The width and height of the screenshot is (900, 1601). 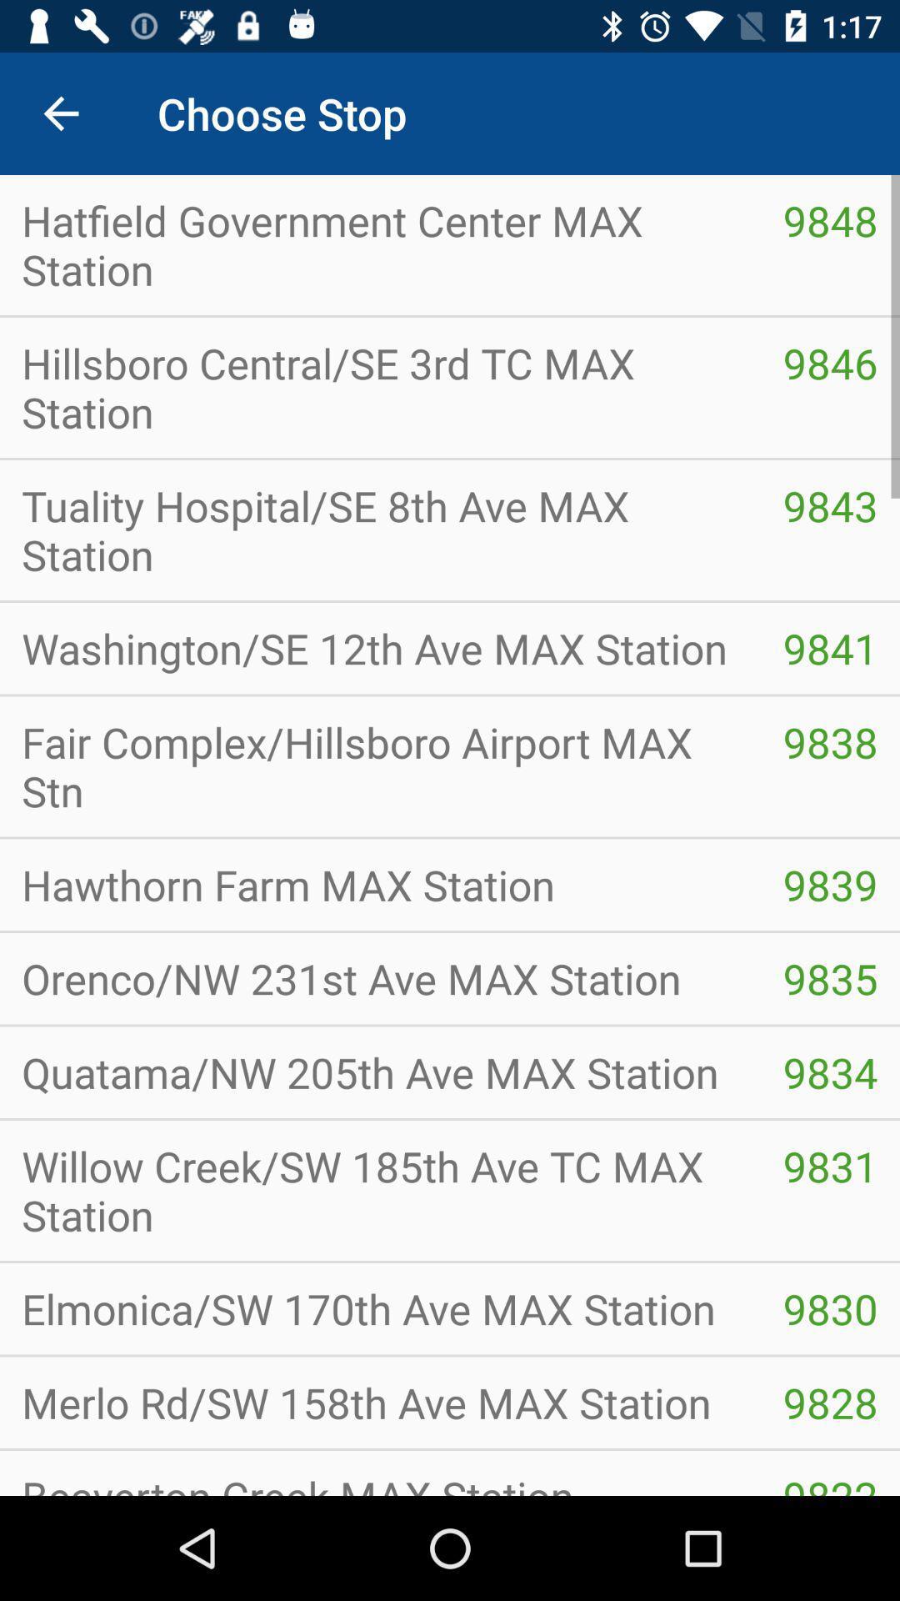 I want to click on icon below elmonica sw 170th icon, so click(x=380, y=1402).